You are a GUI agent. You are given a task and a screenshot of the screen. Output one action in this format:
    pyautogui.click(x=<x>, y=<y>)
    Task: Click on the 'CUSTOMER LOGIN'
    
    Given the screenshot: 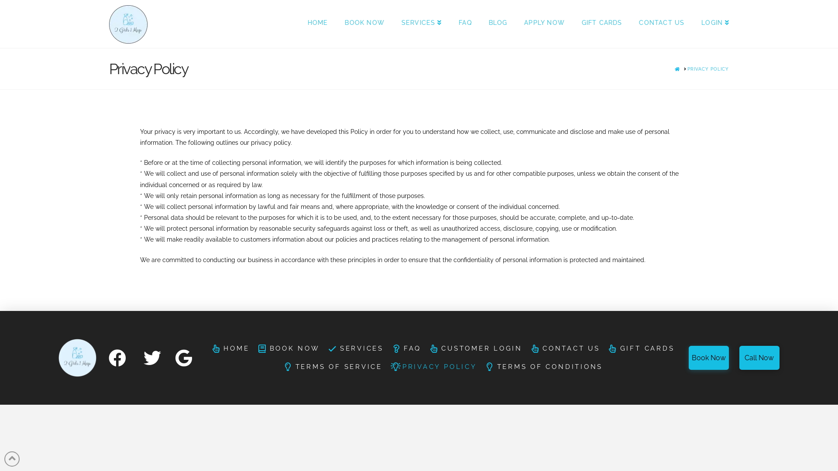 What is the action you would take?
    pyautogui.click(x=475, y=348)
    